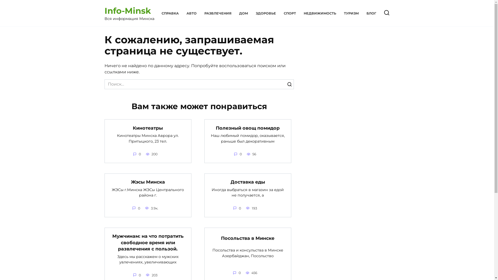 The height and width of the screenshot is (280, 498). What do you see at coordinates (127, 11) in the screenshot?
I see `'Info-Minsk'` at bounding box center [127, 11].